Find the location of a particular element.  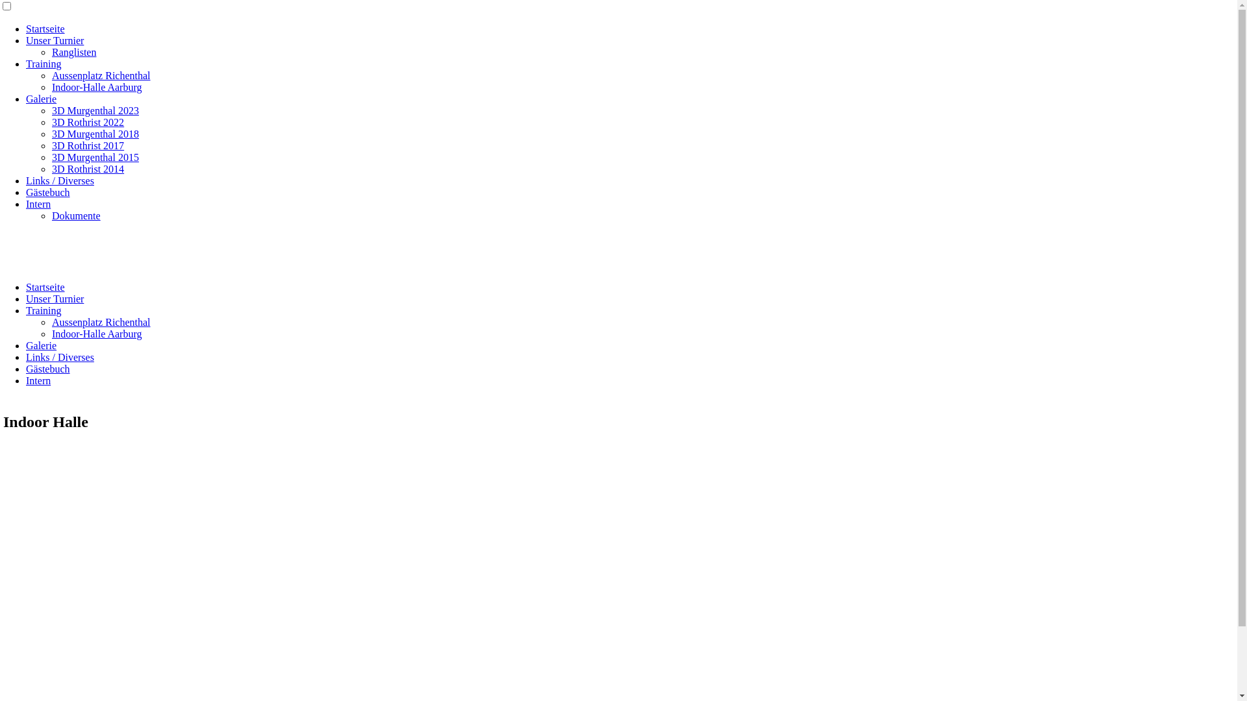

'Aussenplatz Richenthal' is located at coordinates (52, 75).